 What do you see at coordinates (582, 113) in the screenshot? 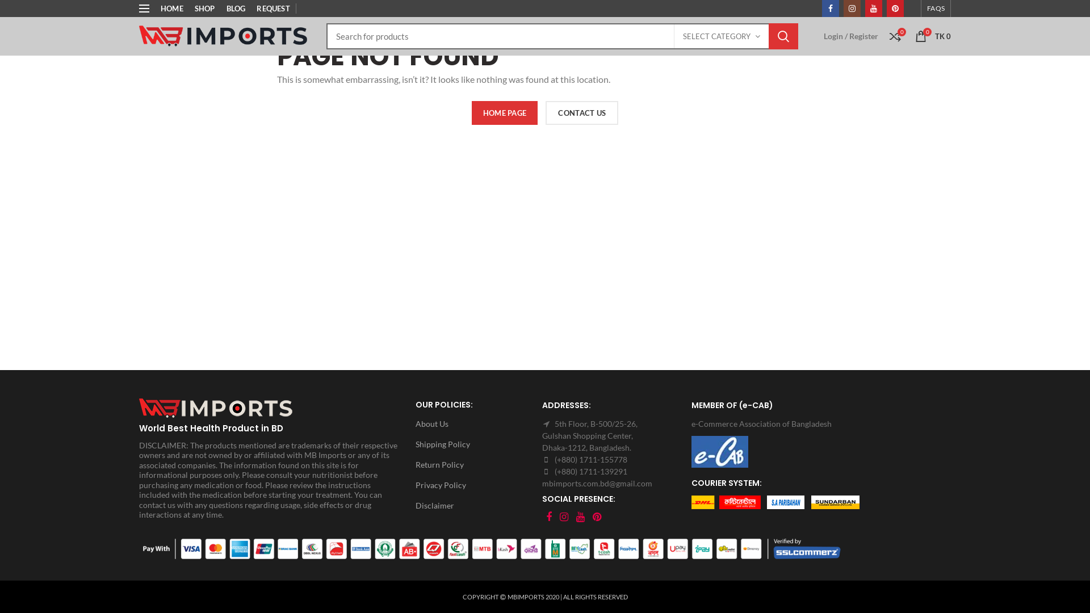
I see `'CONTACT US'` at bounding box center [582, 113].